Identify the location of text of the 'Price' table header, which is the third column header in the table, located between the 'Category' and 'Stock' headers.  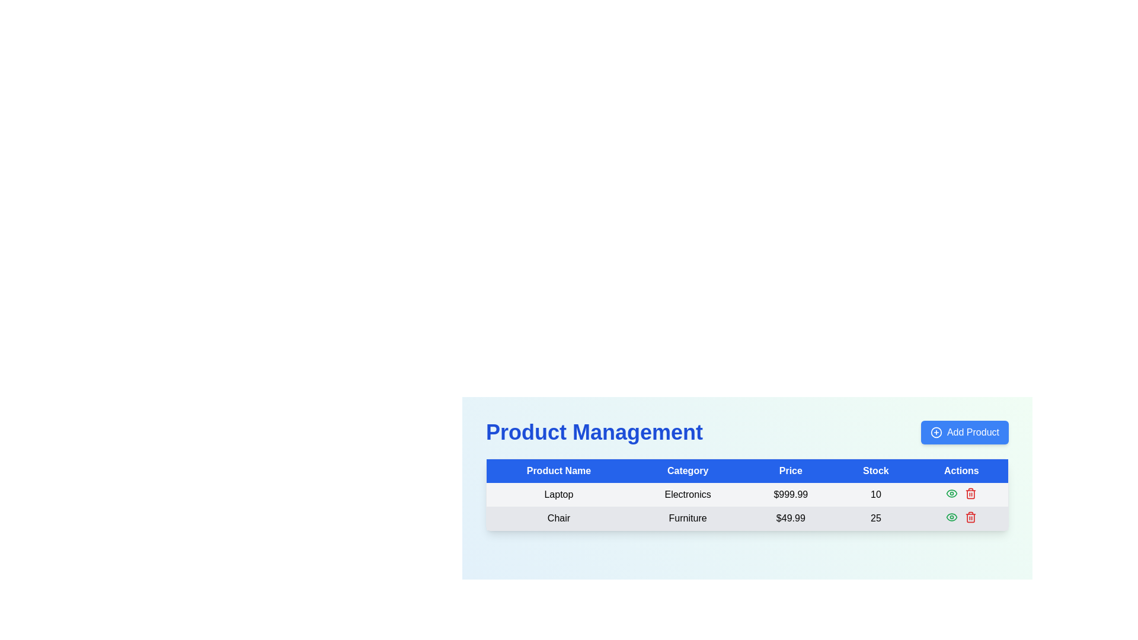
(791, 470).